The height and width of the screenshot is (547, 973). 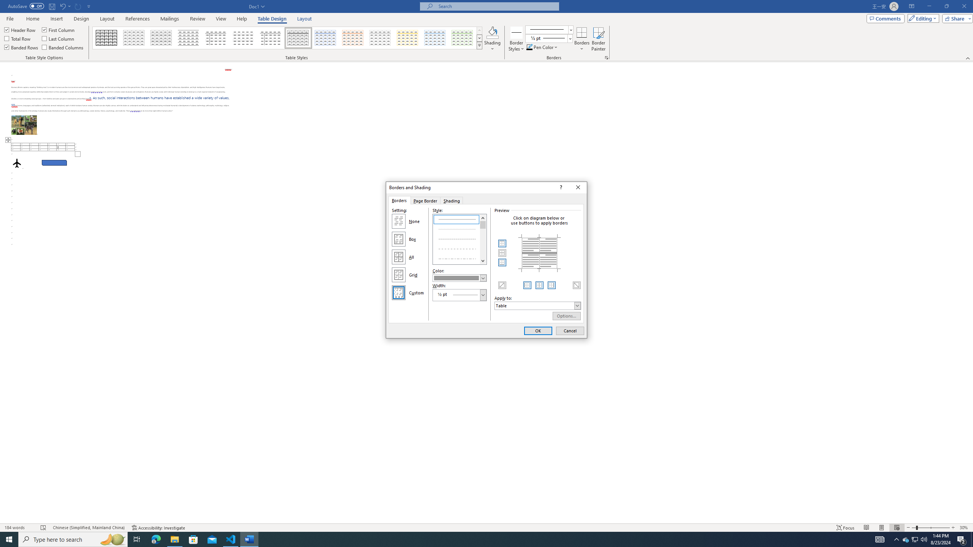 What do you see at coordinates (930, 528) in the screenshot?
I see `'Zoom'` at bounding box center [930, 528].